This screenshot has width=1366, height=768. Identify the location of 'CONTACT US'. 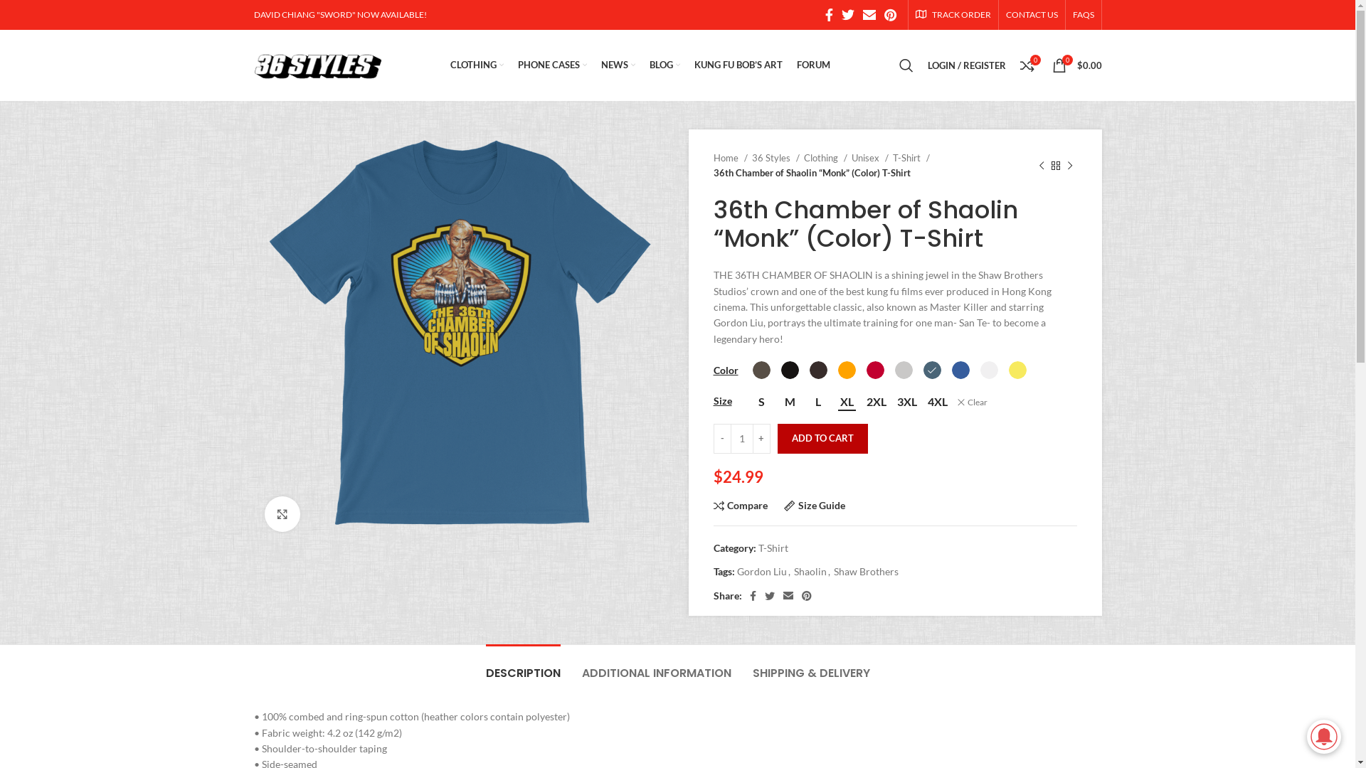
(1032, 14).